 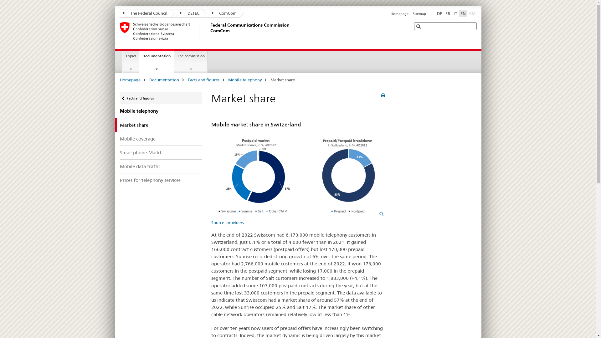 I want to click on 'Prices for telephony services', so click(x=120, y=180).